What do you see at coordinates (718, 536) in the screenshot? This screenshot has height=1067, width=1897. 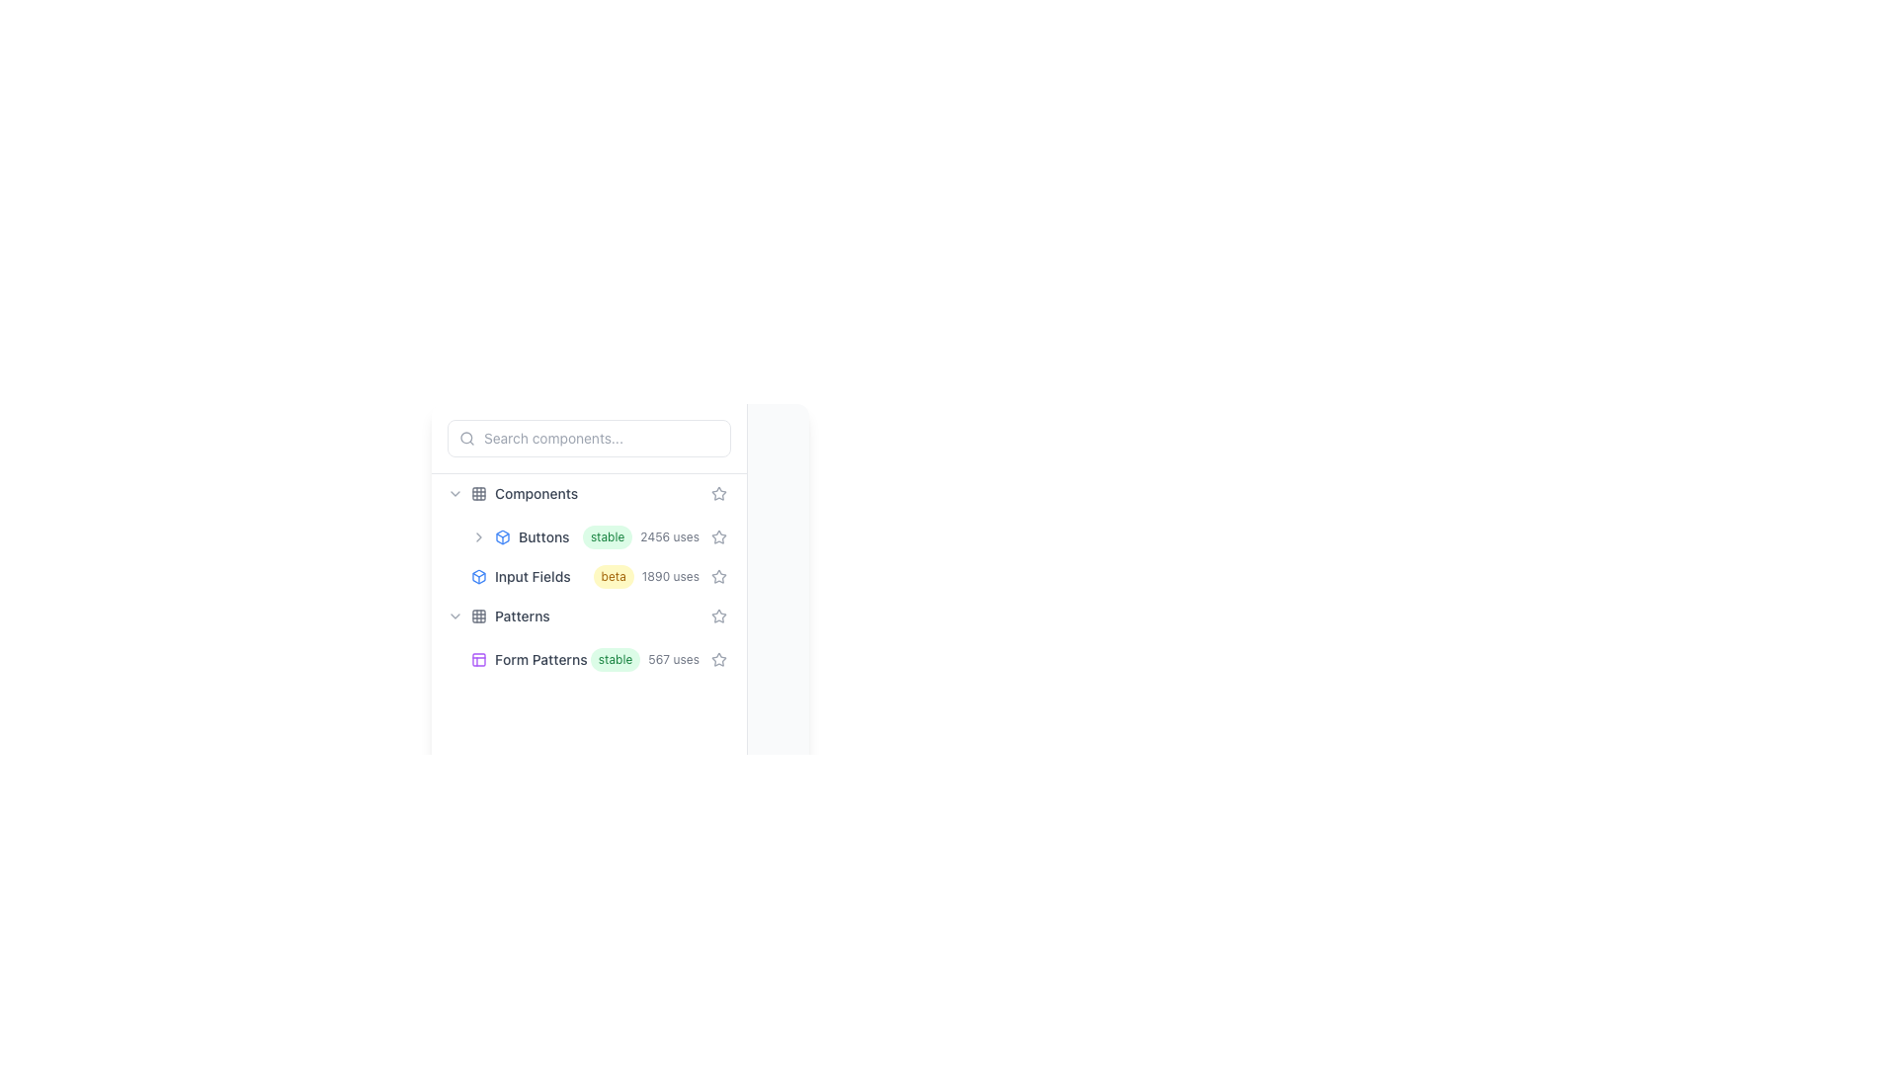 I see `the interactive icon button located at the far right of the 'Buttons' section` at bounding box center [718, 536].